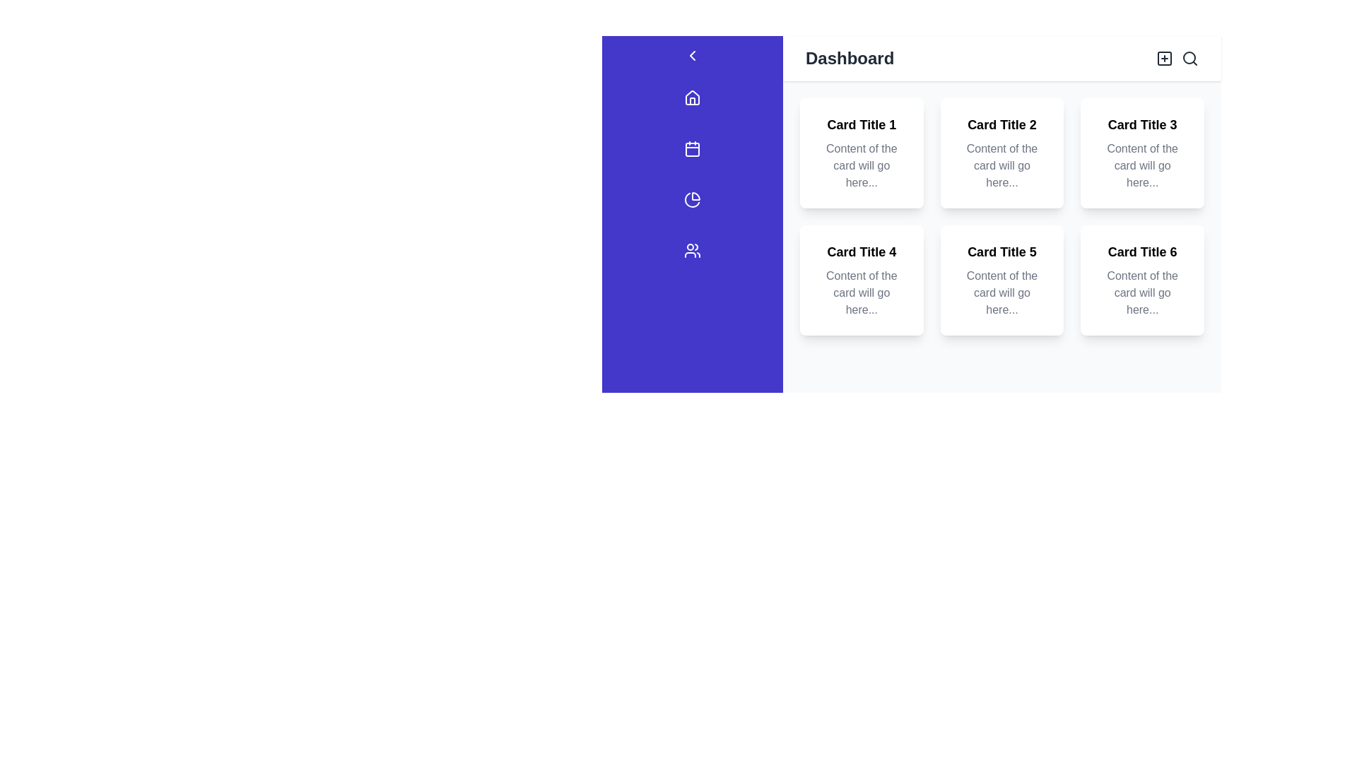 Image resolution: width=1357 pixels, height=763 pixels. I want to click on the collapse/expand button located at the top section of the vertical navigation menu on the left side, which toggles the menu's visibility and may reveal a tooltip or highlight, so click(692, 54).